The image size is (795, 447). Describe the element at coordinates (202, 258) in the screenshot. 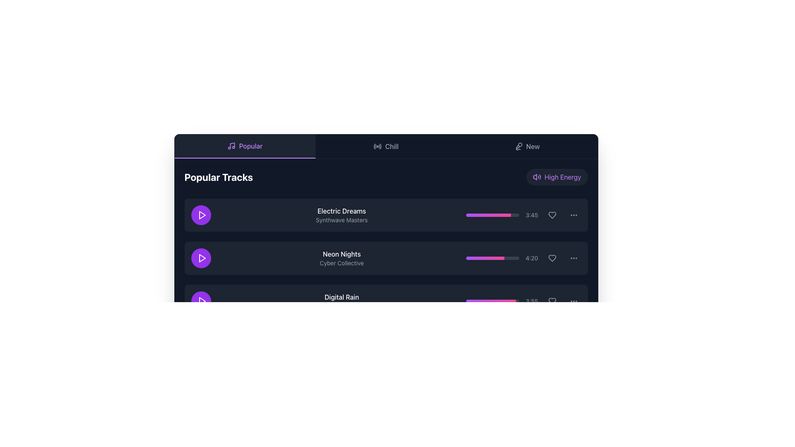

I see `the play button located inside the circular button to the left of the list item text 'Electric Dreams' and 'Synthwave Masters', indicating readiness for action` at that location.